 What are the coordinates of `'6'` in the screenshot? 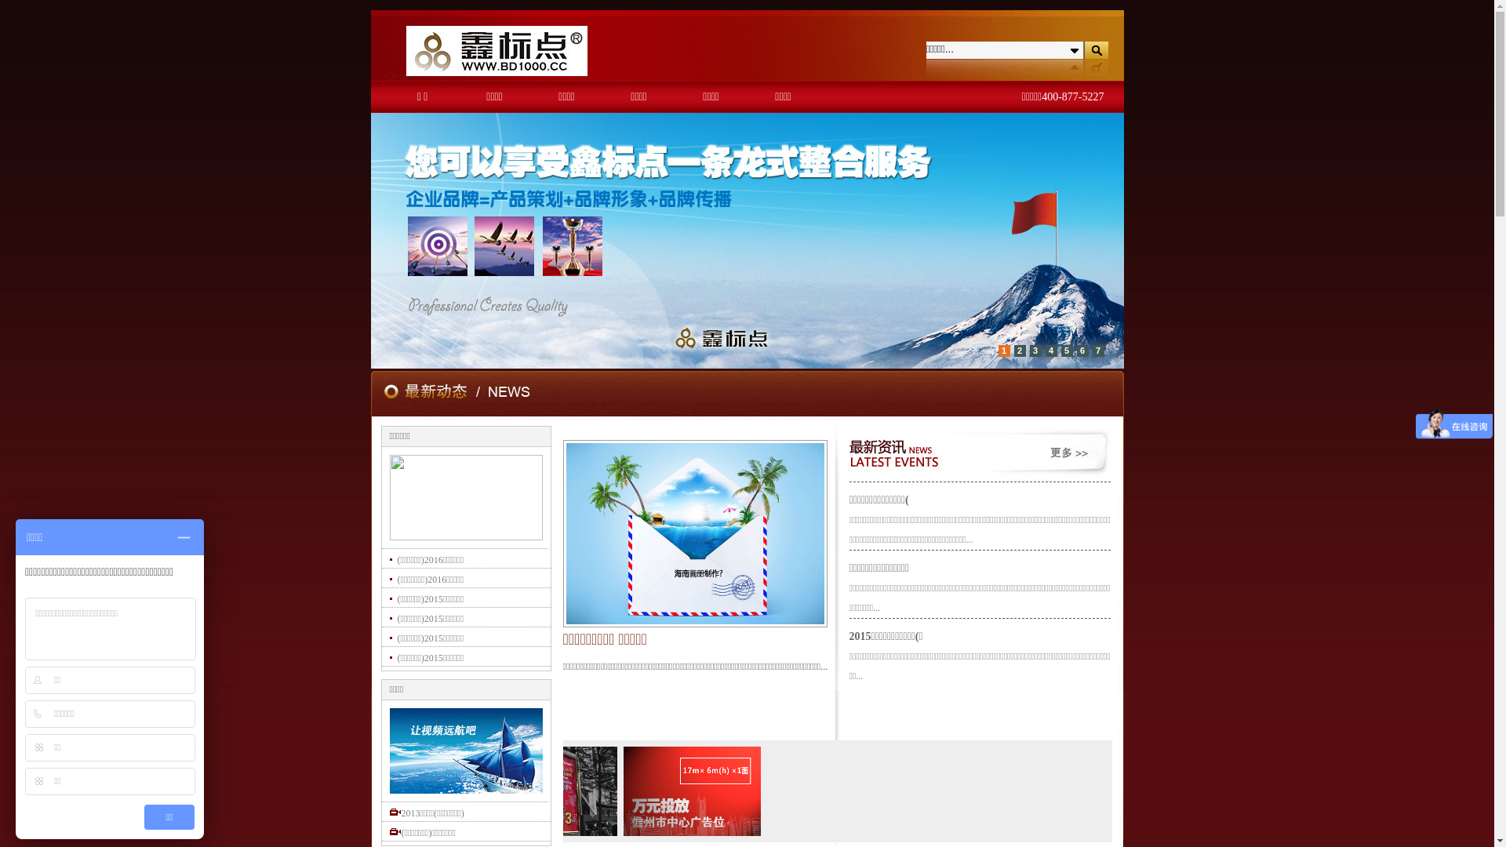 It's located at (1075, 350).